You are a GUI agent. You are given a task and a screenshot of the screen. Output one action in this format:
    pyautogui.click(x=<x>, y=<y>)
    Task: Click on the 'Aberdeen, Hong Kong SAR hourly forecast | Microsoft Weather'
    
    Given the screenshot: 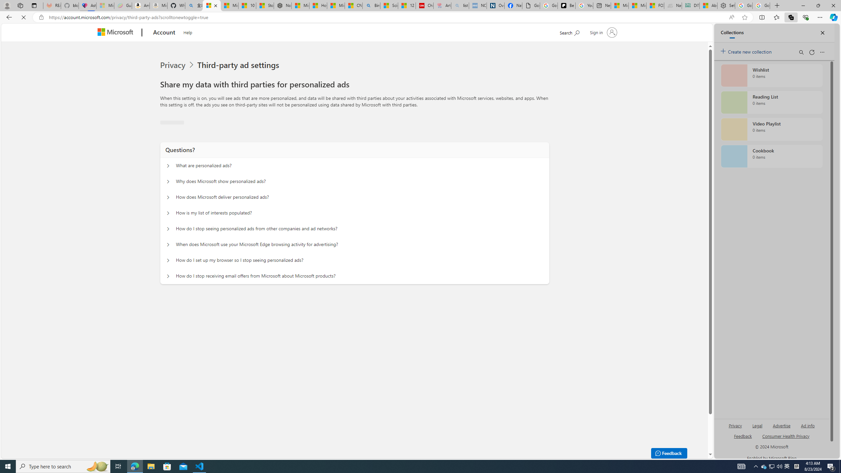 What is the action you would take?
    pyautogui.click(x=708, y=5)
    